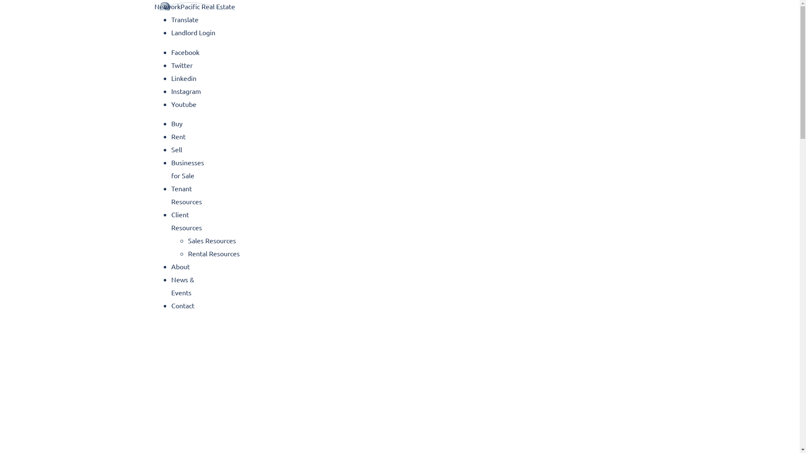 This screenshot has width=806, height=453. I want to click on 'Linkedin', so click(183, 78).